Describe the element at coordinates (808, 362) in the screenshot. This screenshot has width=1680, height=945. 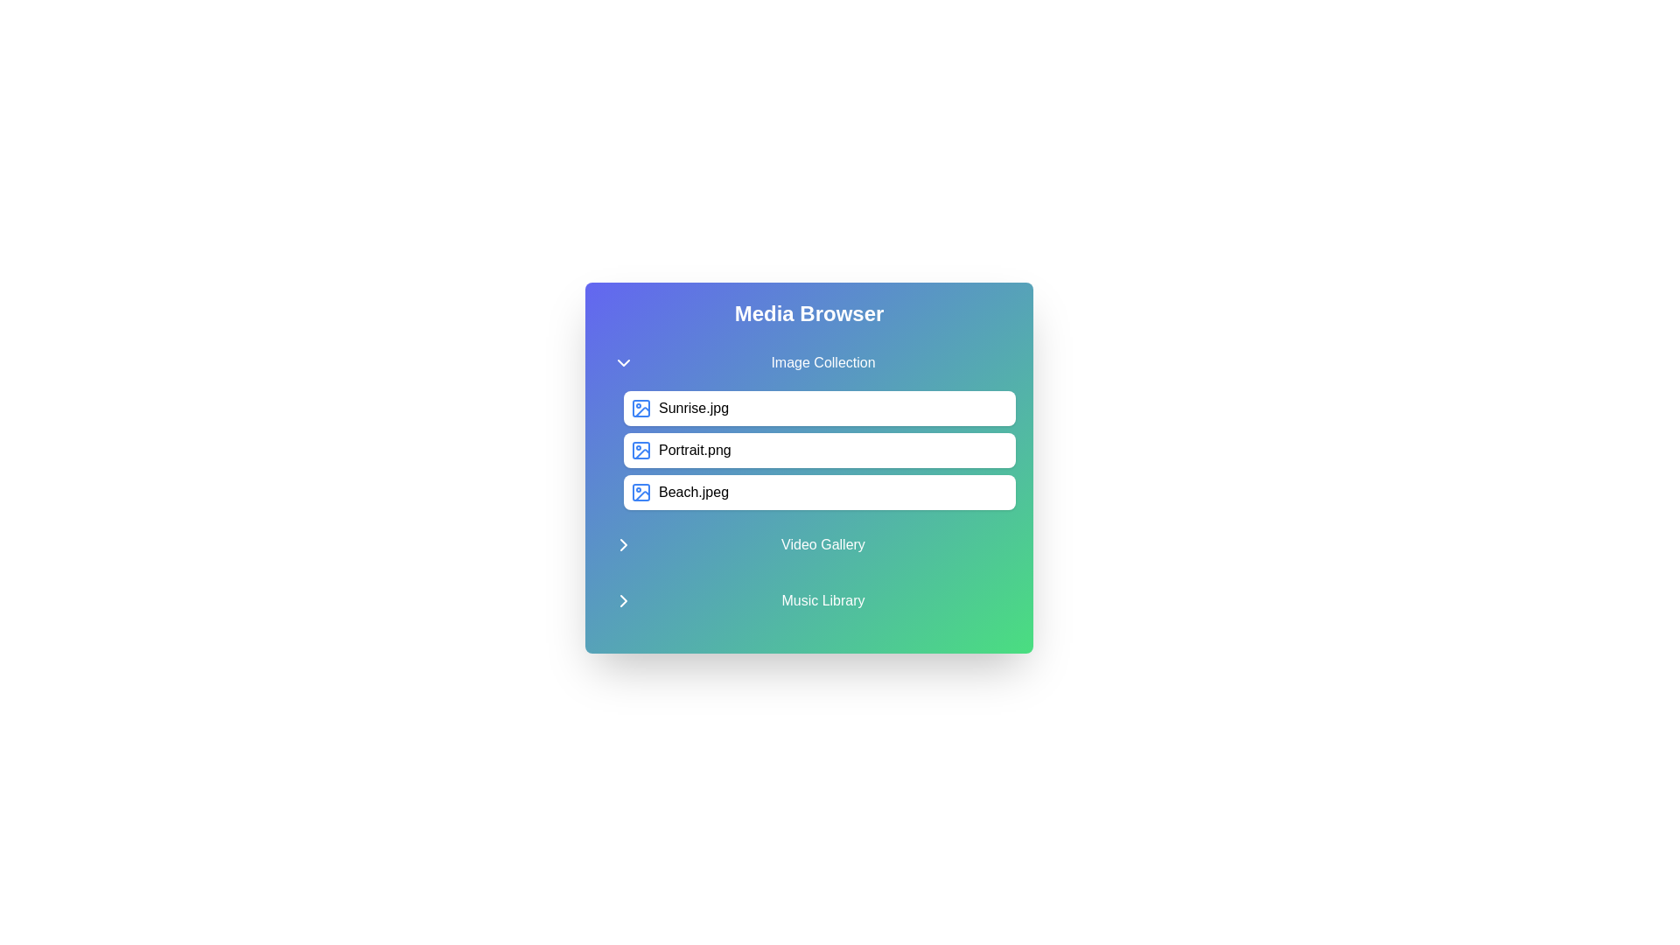
I see `the category title Image Collection to toggle its state` at that location.